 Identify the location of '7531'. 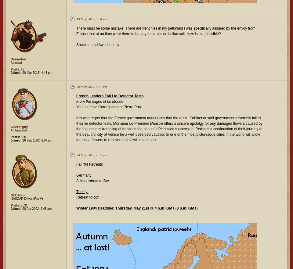
(24, 205).